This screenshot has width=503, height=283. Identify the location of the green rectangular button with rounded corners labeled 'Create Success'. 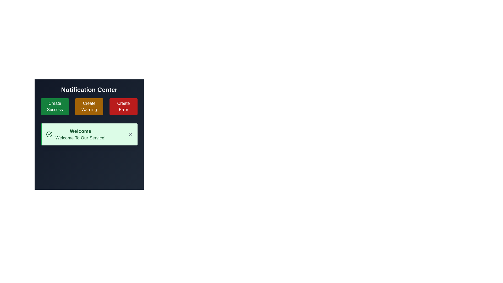
(55, 106).